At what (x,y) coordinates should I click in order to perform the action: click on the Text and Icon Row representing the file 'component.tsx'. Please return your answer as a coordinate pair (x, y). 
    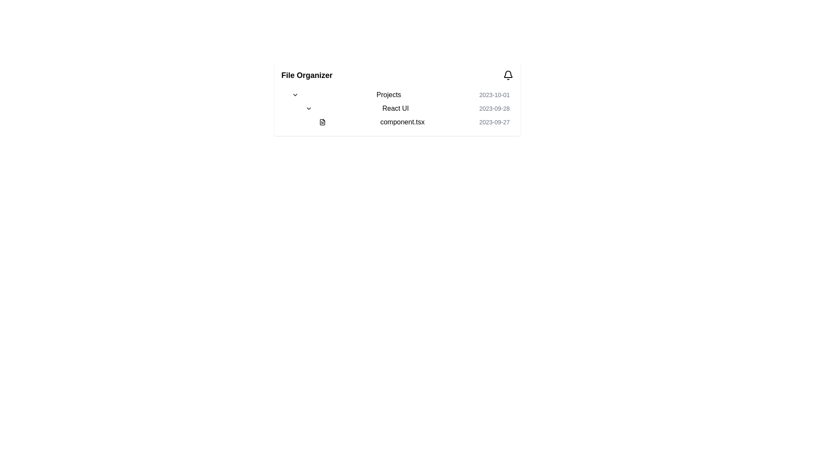
    Looking at the image, I should click on (411, 122).